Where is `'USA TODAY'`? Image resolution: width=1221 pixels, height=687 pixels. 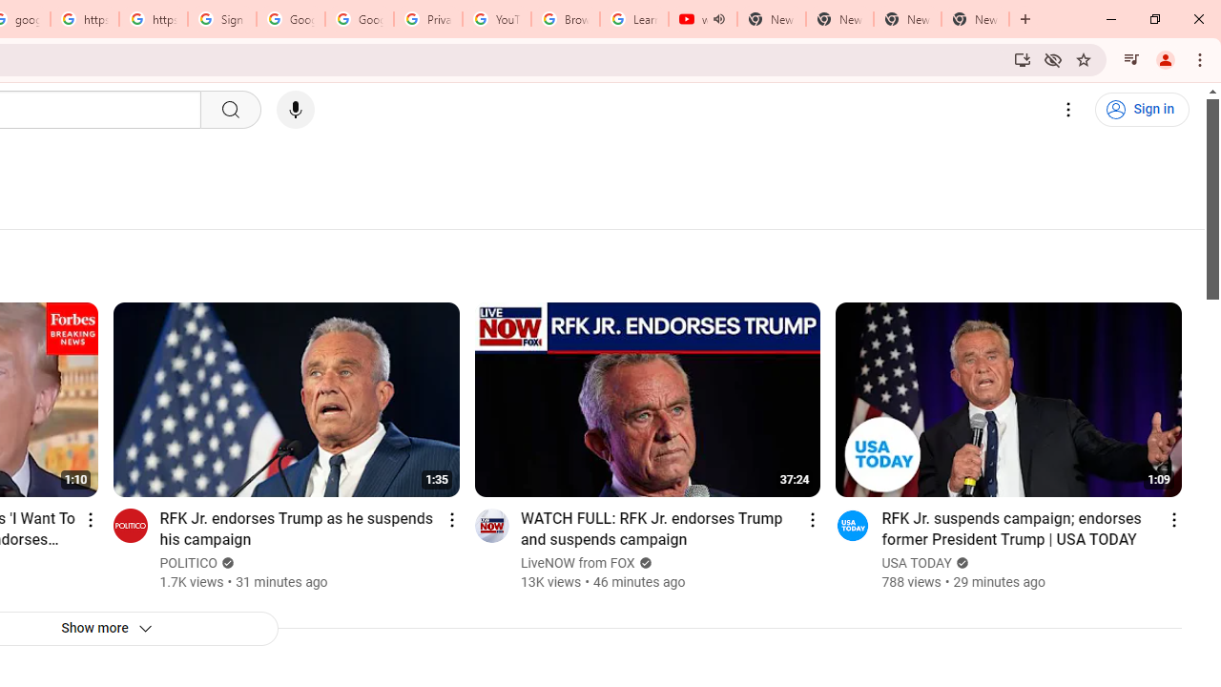
'USA TODAY' is located at coordinates (917, 562).